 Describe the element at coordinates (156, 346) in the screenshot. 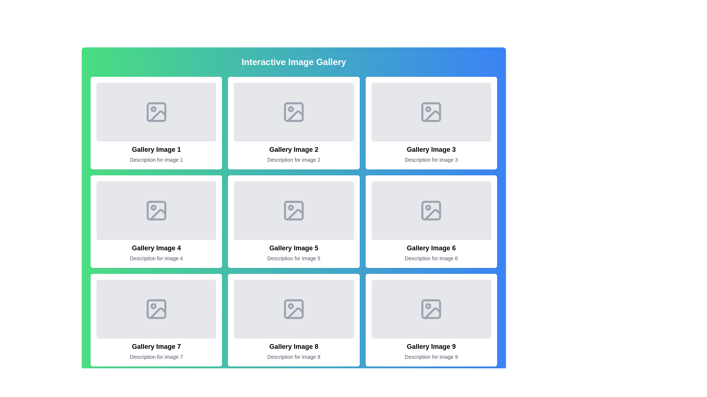

I see `text label that serves as the title for the image card, located in the third row and first column of a 3x3 grid layout` at that location.